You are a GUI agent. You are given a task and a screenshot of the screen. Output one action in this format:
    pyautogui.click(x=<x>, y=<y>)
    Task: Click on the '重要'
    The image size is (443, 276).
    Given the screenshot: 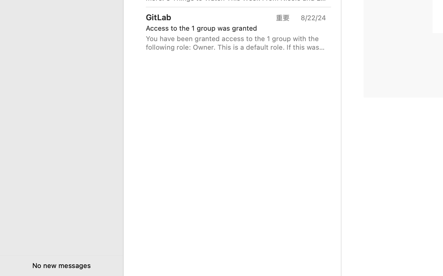 What is the action you would take?
    pyautogui.click(x=285, y=17)
    